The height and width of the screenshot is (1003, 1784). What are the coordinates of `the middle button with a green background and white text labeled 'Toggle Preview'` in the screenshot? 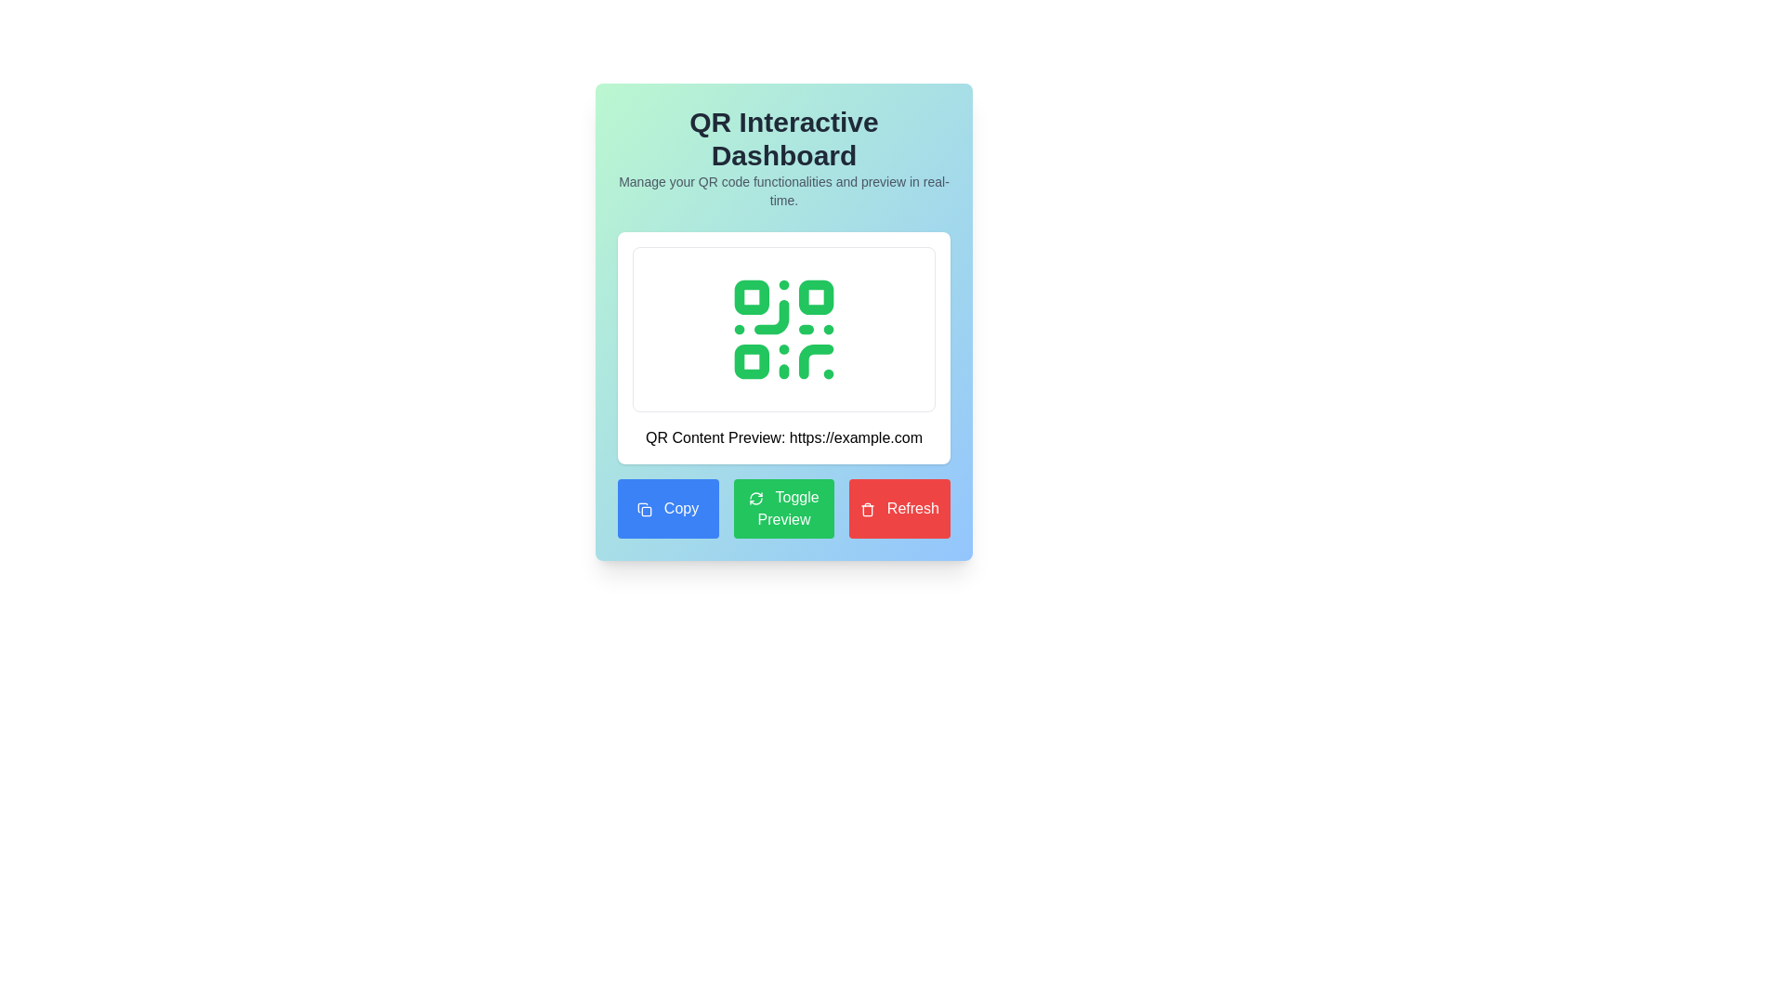 It's located at (784, 508).